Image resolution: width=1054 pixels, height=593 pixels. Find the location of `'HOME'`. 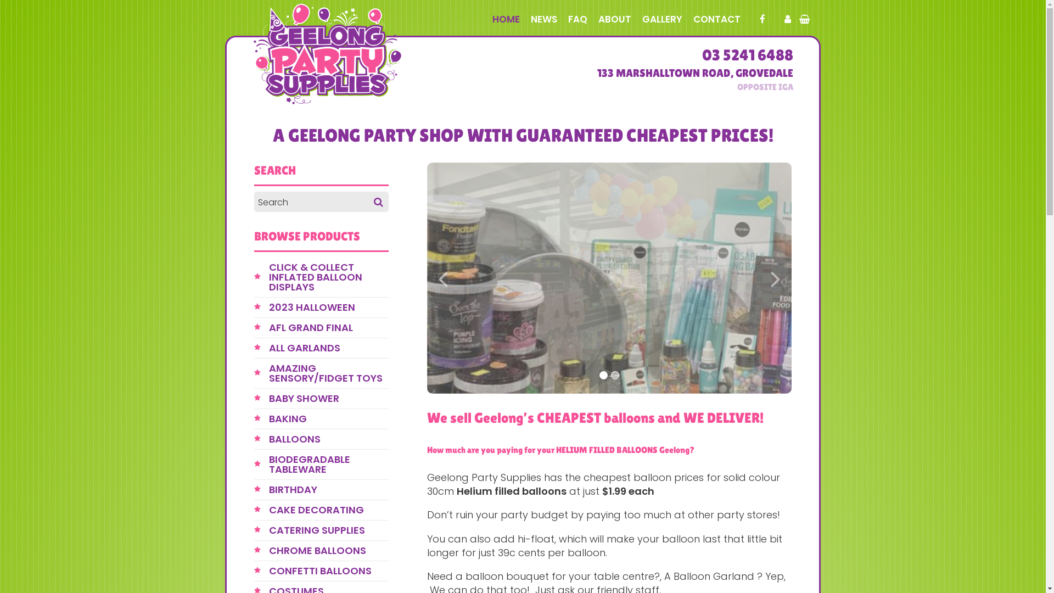

'HOME' is located at coordinates (505, 19).